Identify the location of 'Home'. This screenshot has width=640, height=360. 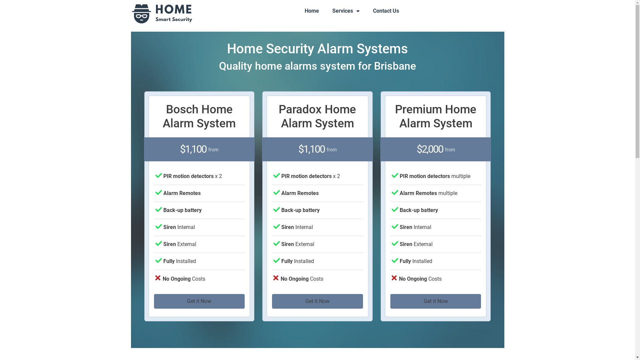
(311, 11).